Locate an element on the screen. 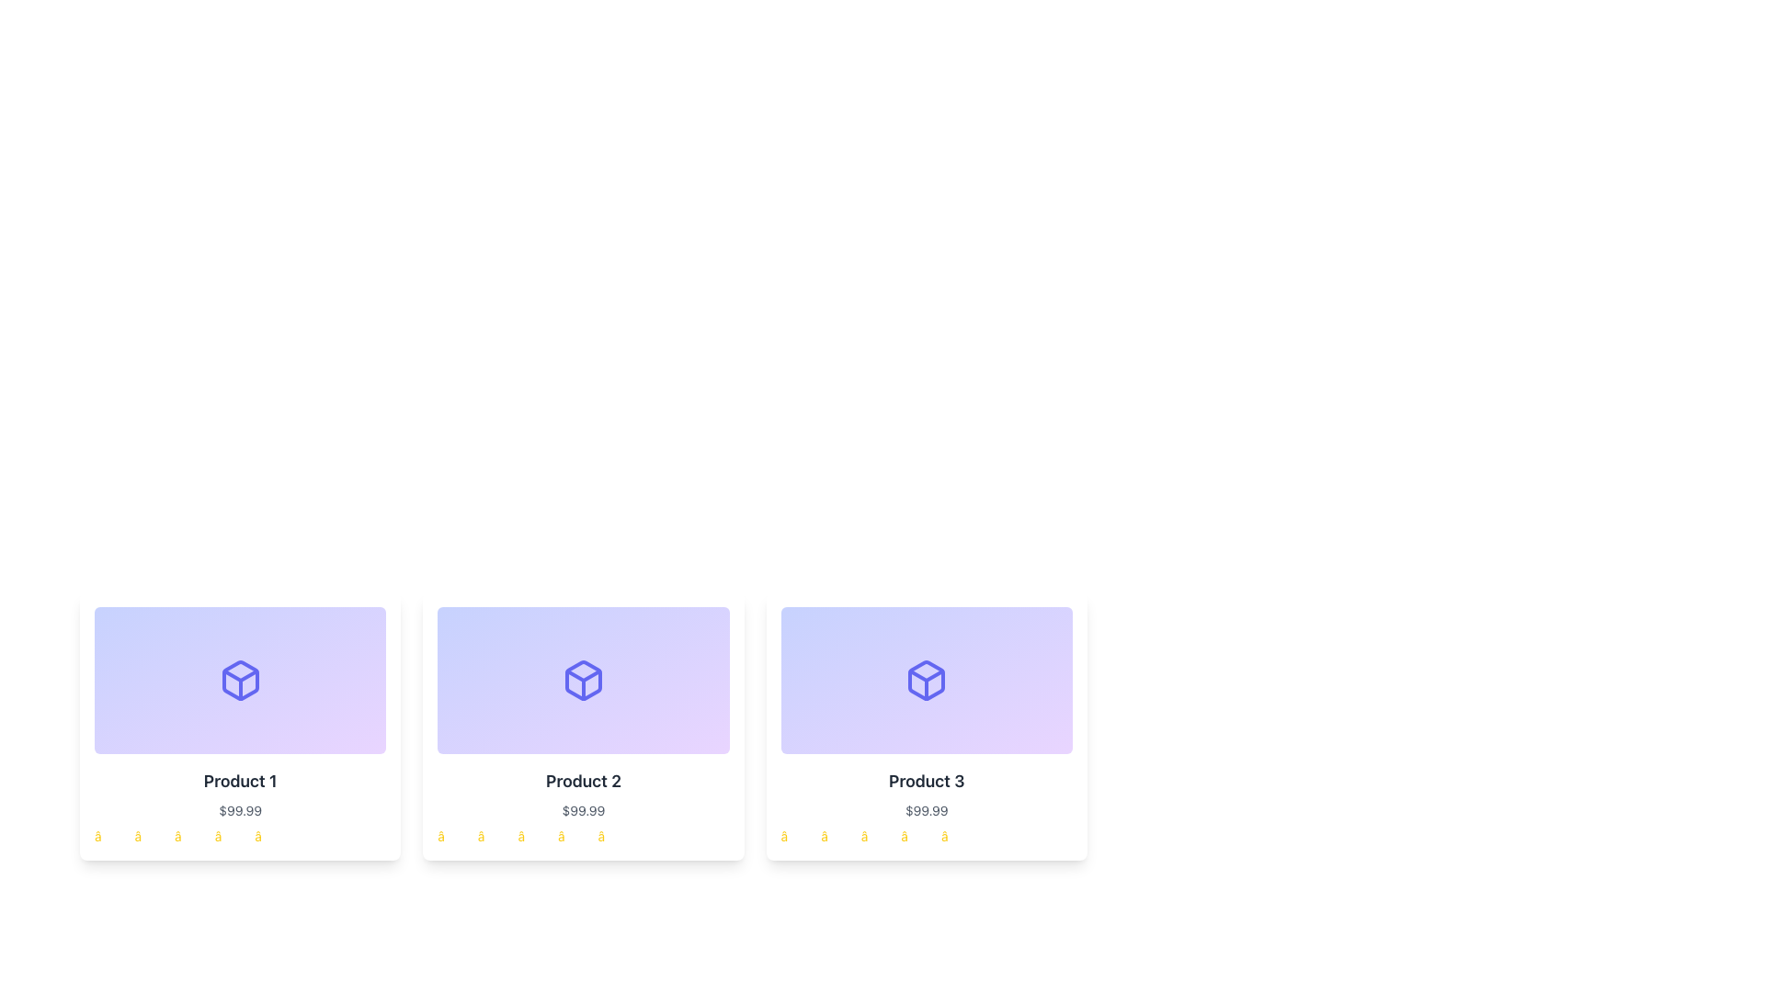  the text label displaying 'Product 3' within the third card of the horizontally aligned grid is located at coordinates (927, 782).